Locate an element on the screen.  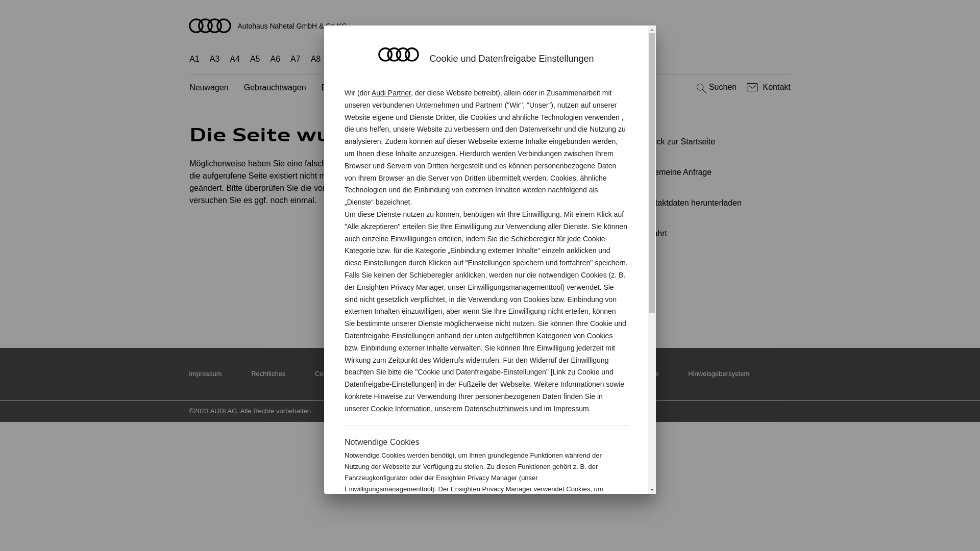
'RS' is located at coordinates (561, 59).